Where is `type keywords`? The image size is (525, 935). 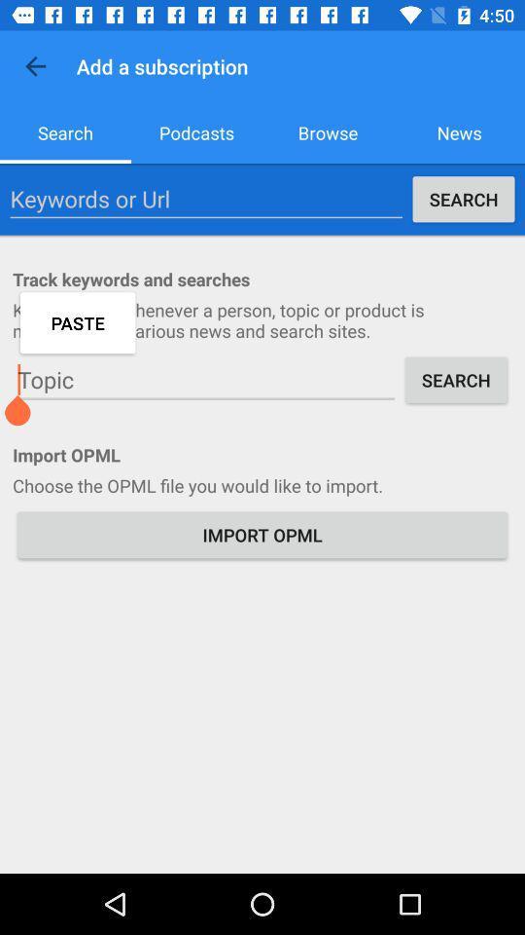
type keywords is located at coordinates (205, 199).